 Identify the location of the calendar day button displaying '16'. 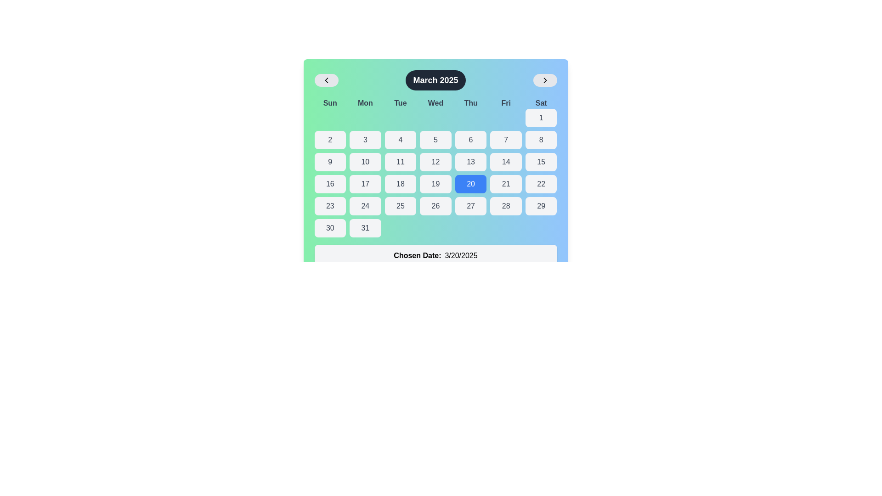
(330, 184).